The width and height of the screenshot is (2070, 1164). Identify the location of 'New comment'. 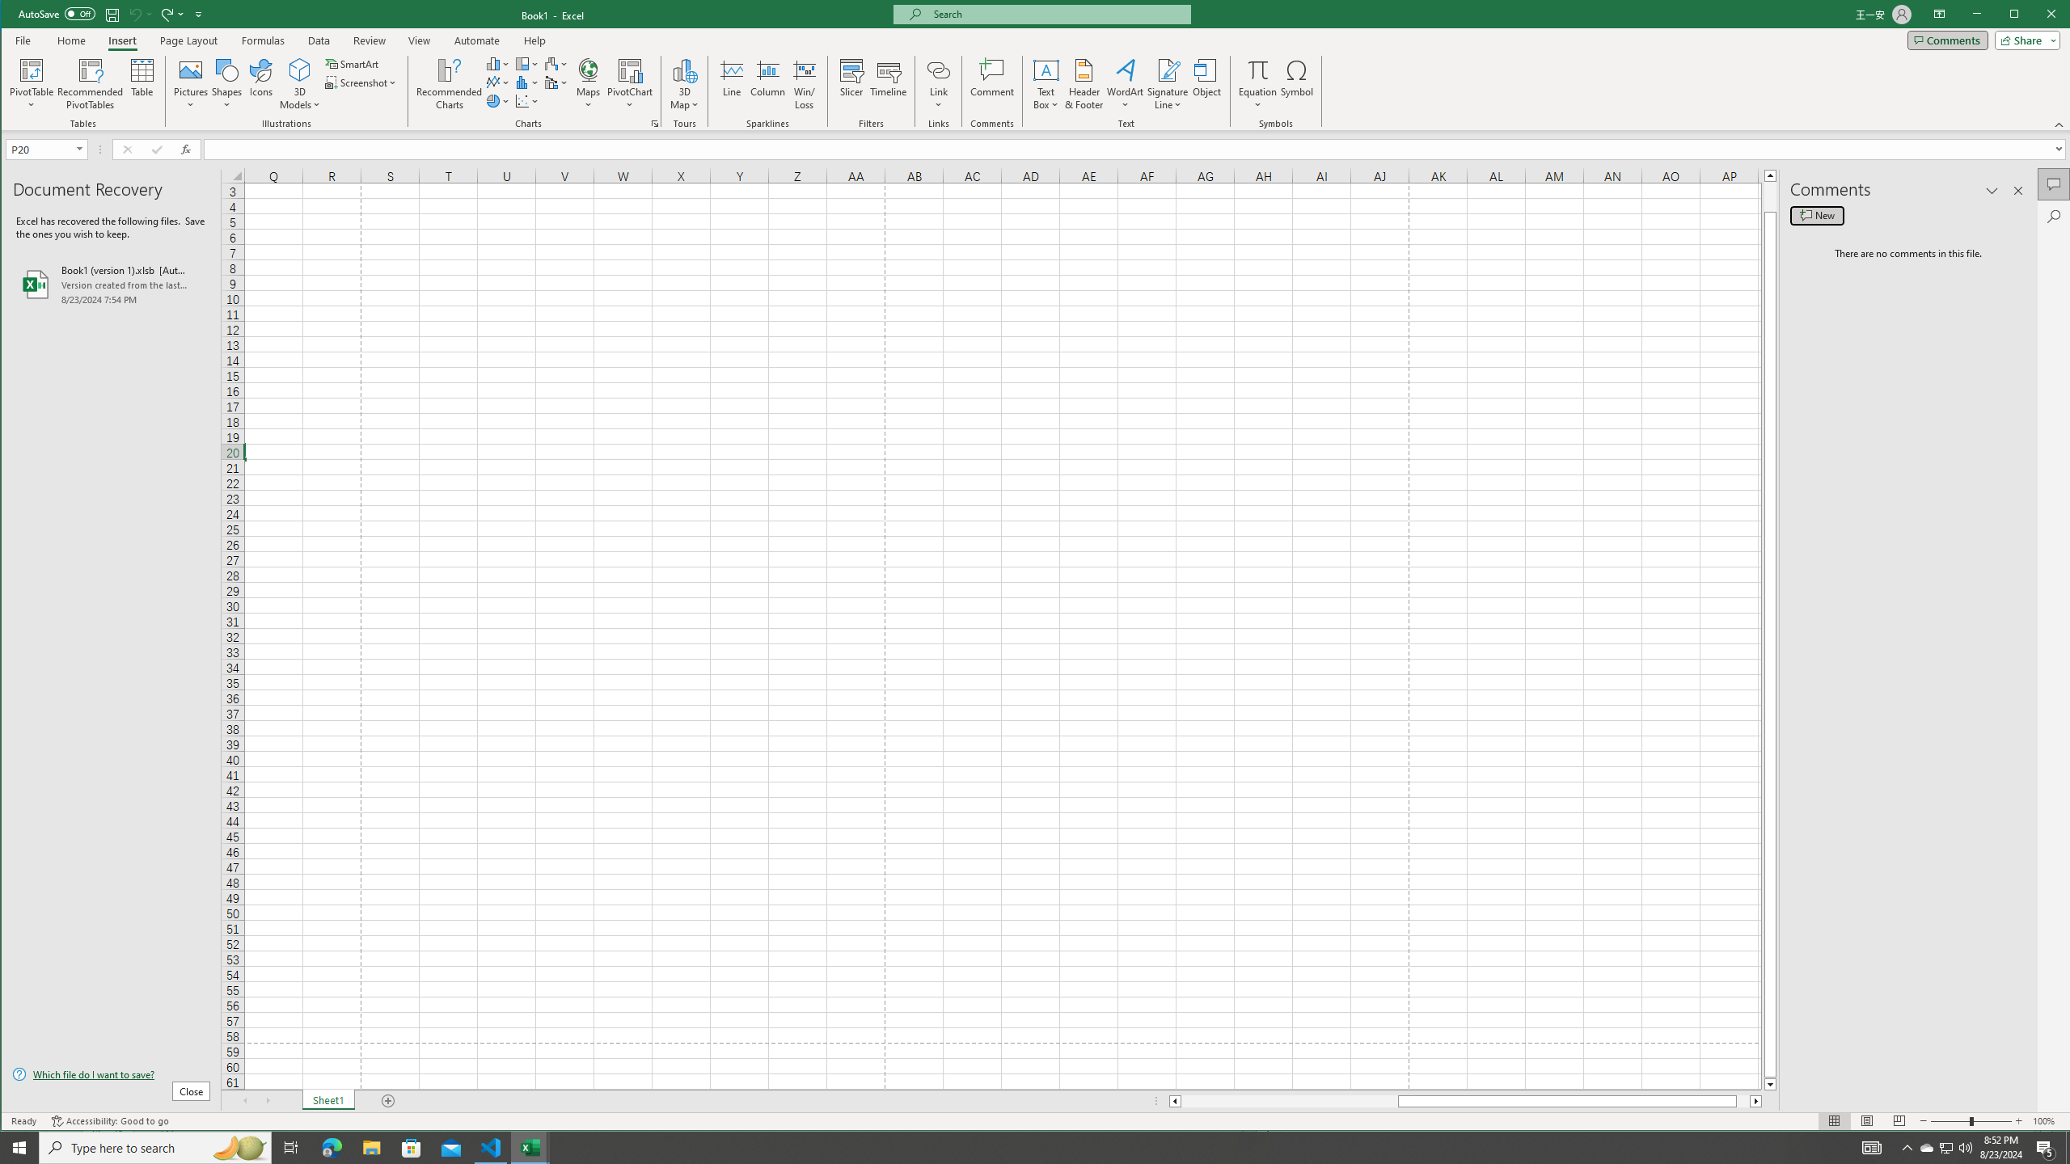
(1816, 216).